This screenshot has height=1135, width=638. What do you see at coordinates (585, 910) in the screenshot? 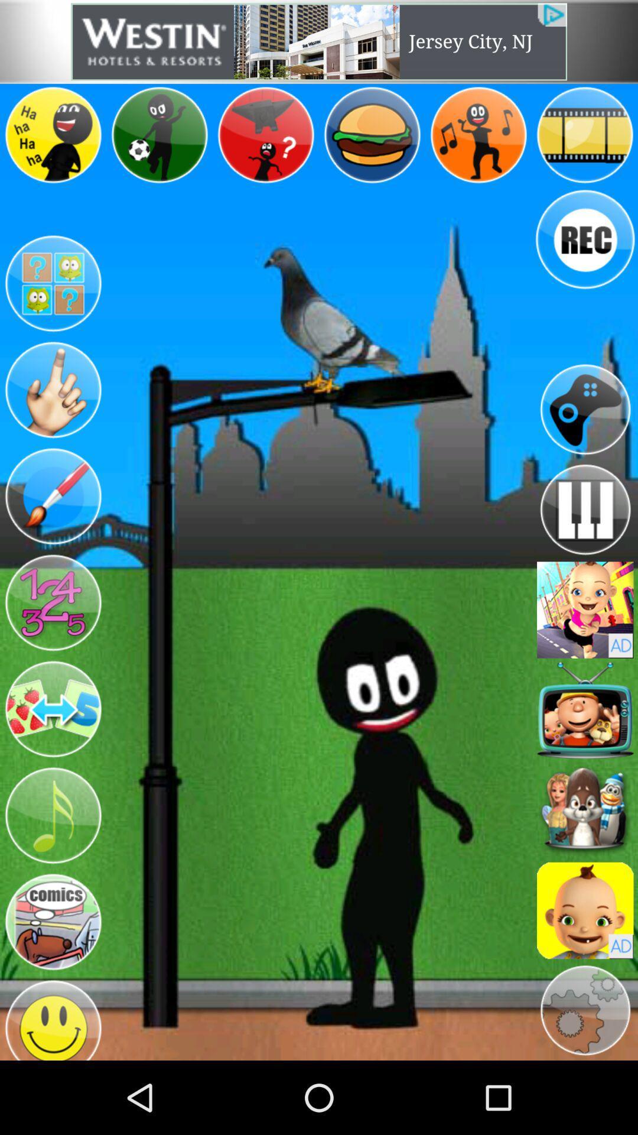
I see `see advertisement` at bounding box center [585, 910].